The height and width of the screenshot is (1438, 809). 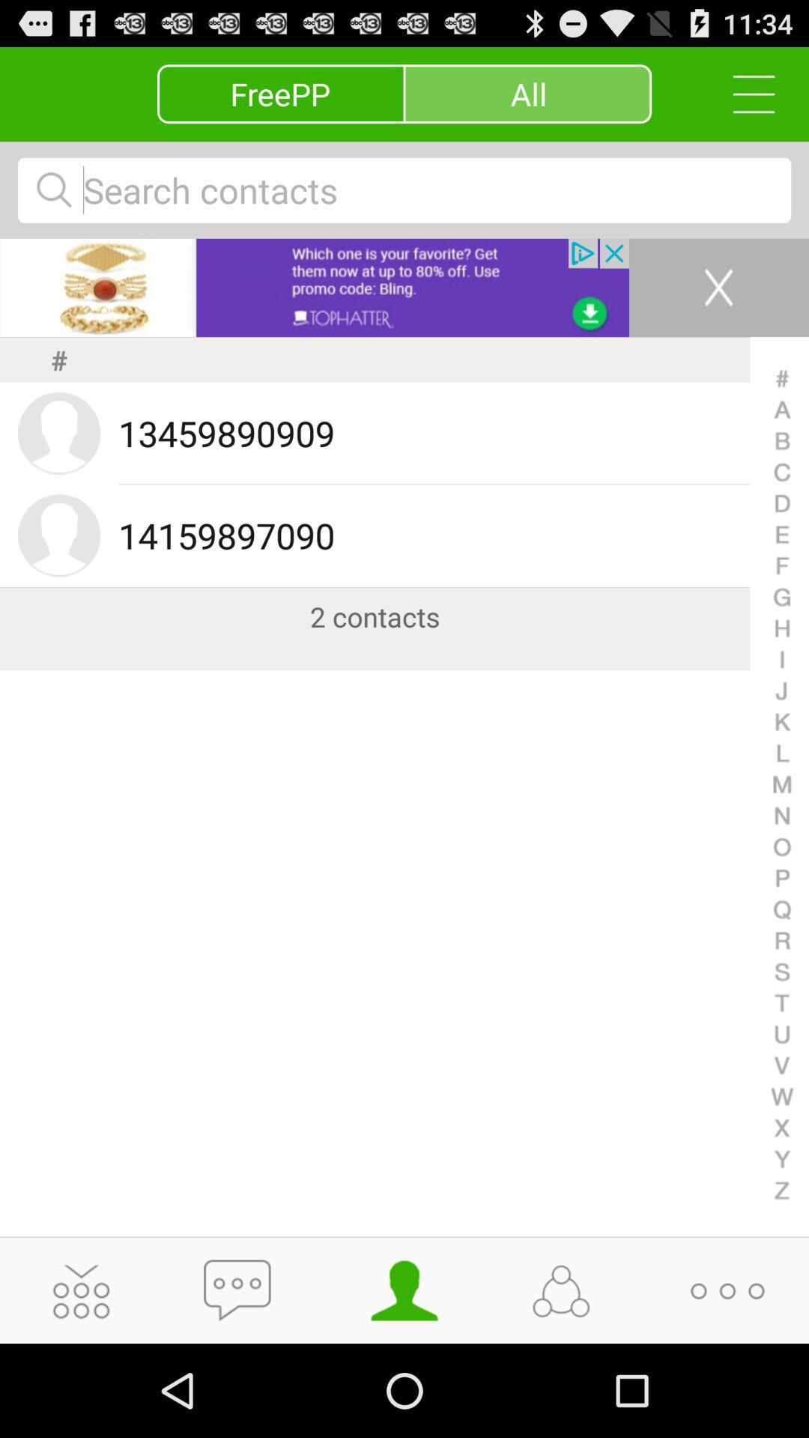 What do you see at coordinates (566, 1293) in the screenshot?
I see `share icon` at bounding box center [566, 1293].